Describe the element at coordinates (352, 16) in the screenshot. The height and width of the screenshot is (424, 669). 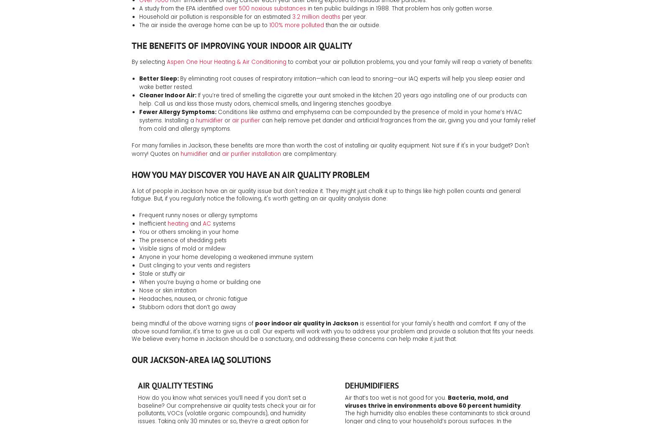
I see `'per year.'` at that location.